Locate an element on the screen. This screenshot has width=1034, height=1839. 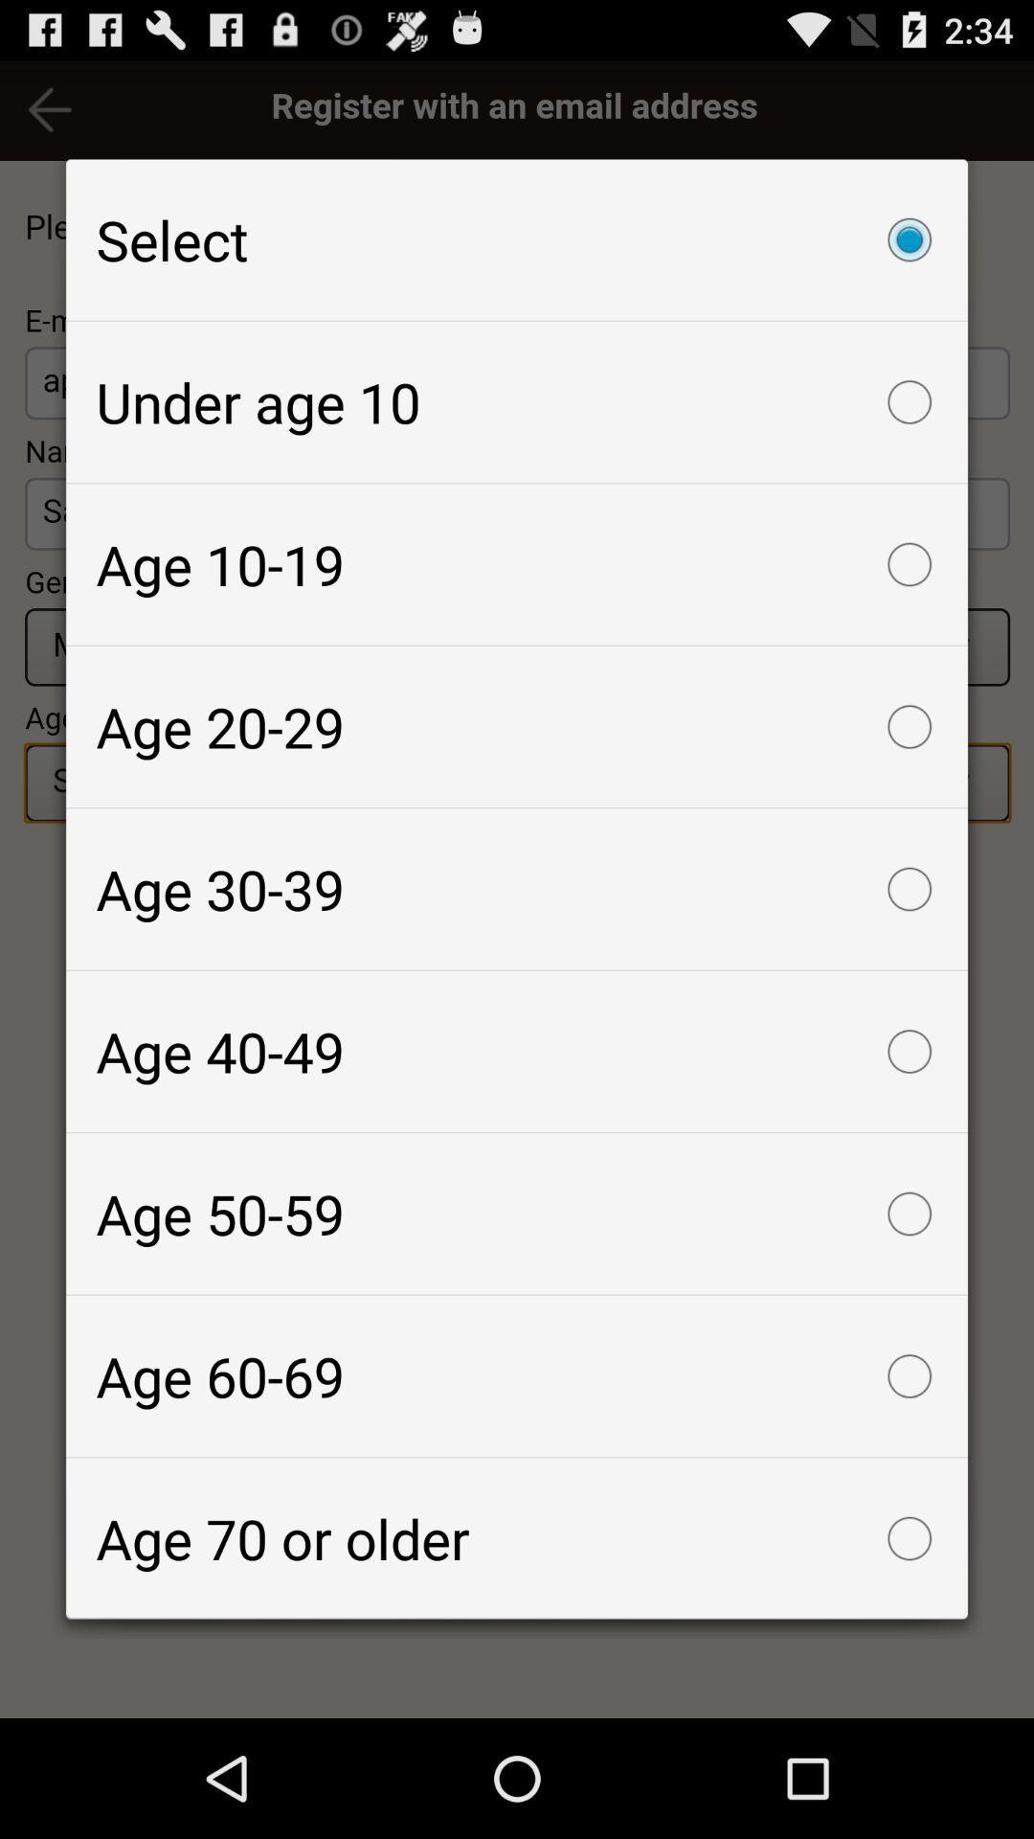
the item above age 60-69 icon is located at coordinates (517, 1213).